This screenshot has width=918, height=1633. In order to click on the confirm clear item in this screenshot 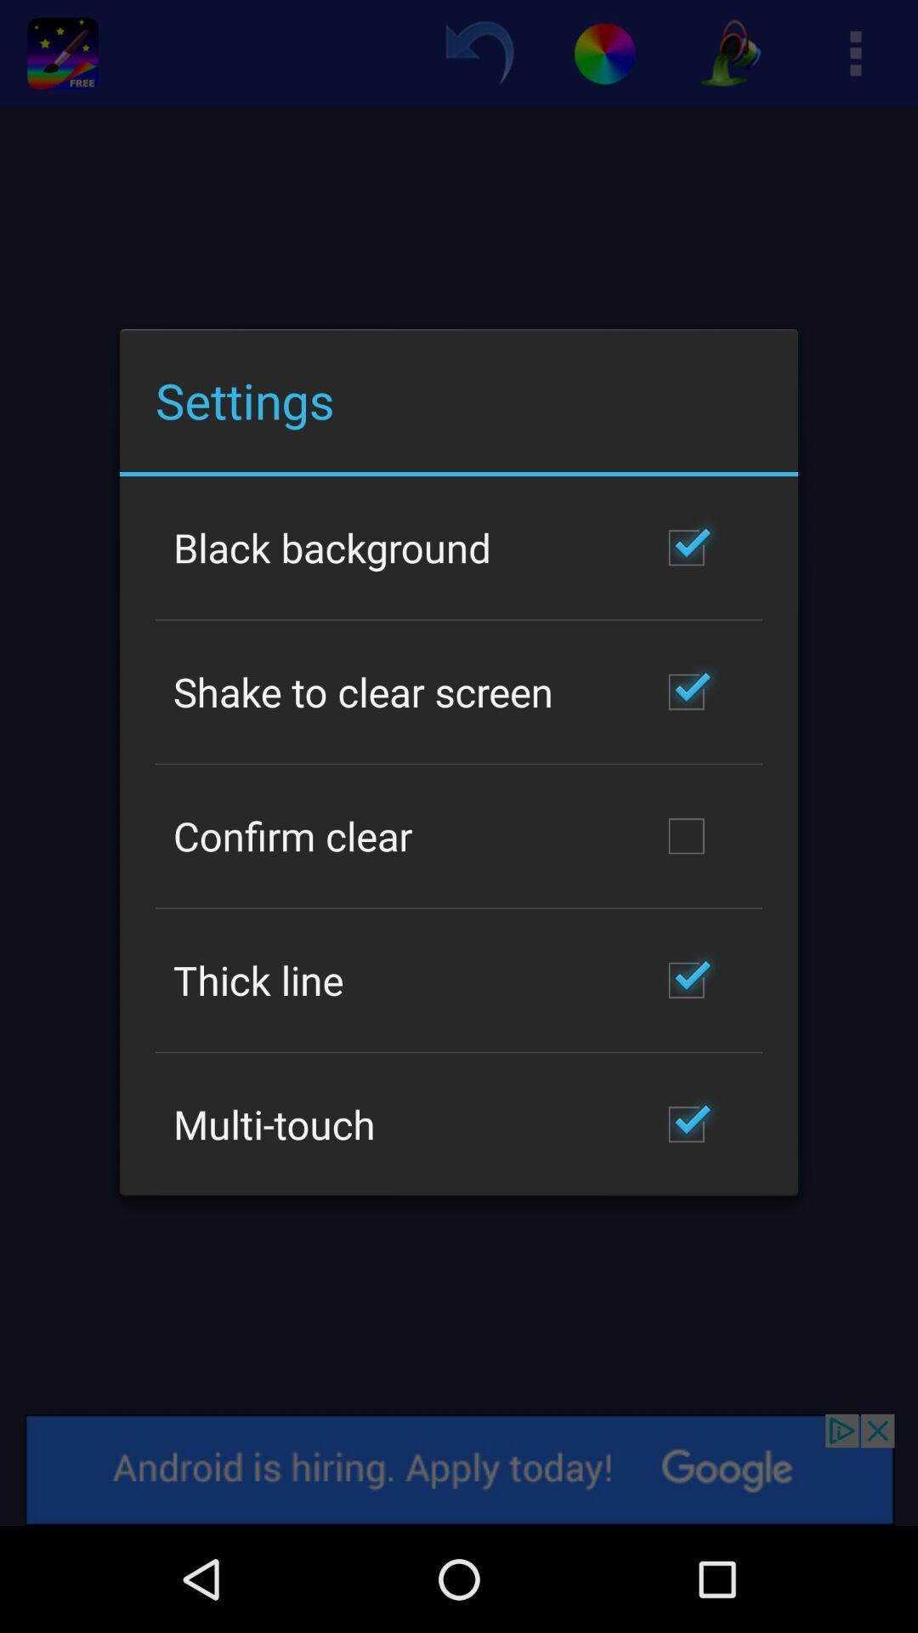, I will do `click(292, 835)`.